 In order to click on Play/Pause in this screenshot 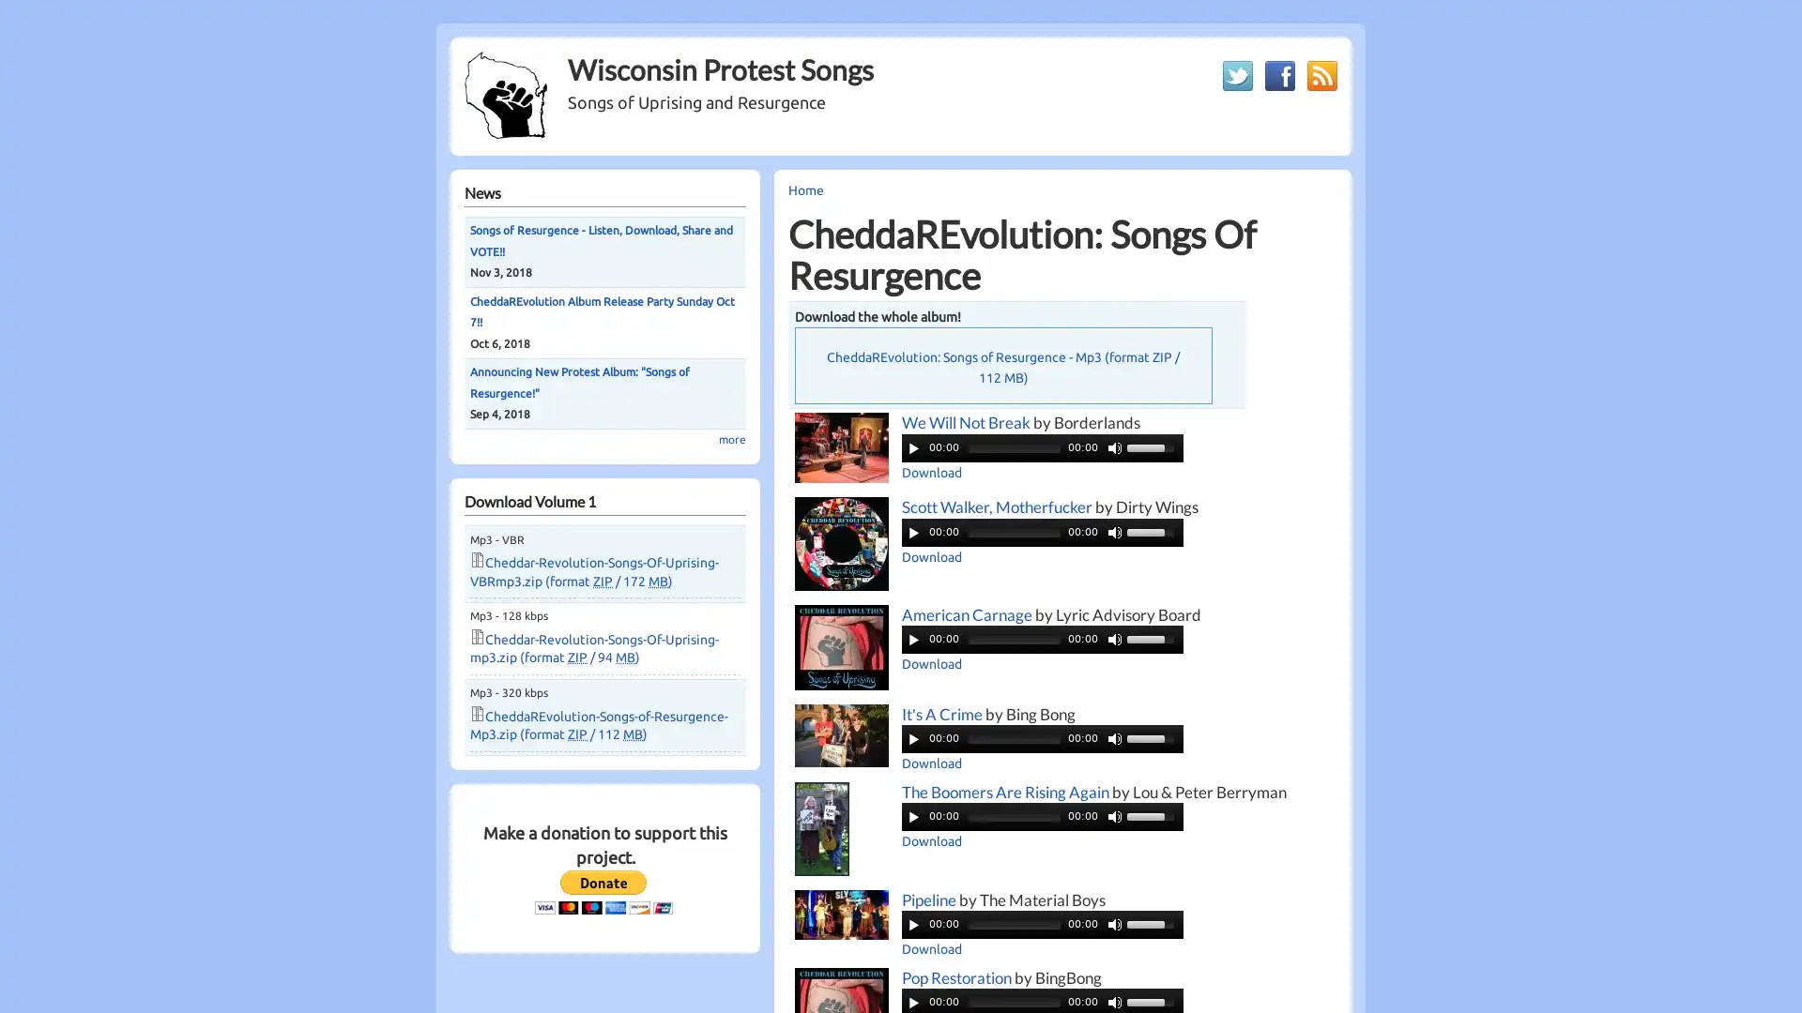, I will do `click(914, 639)`.